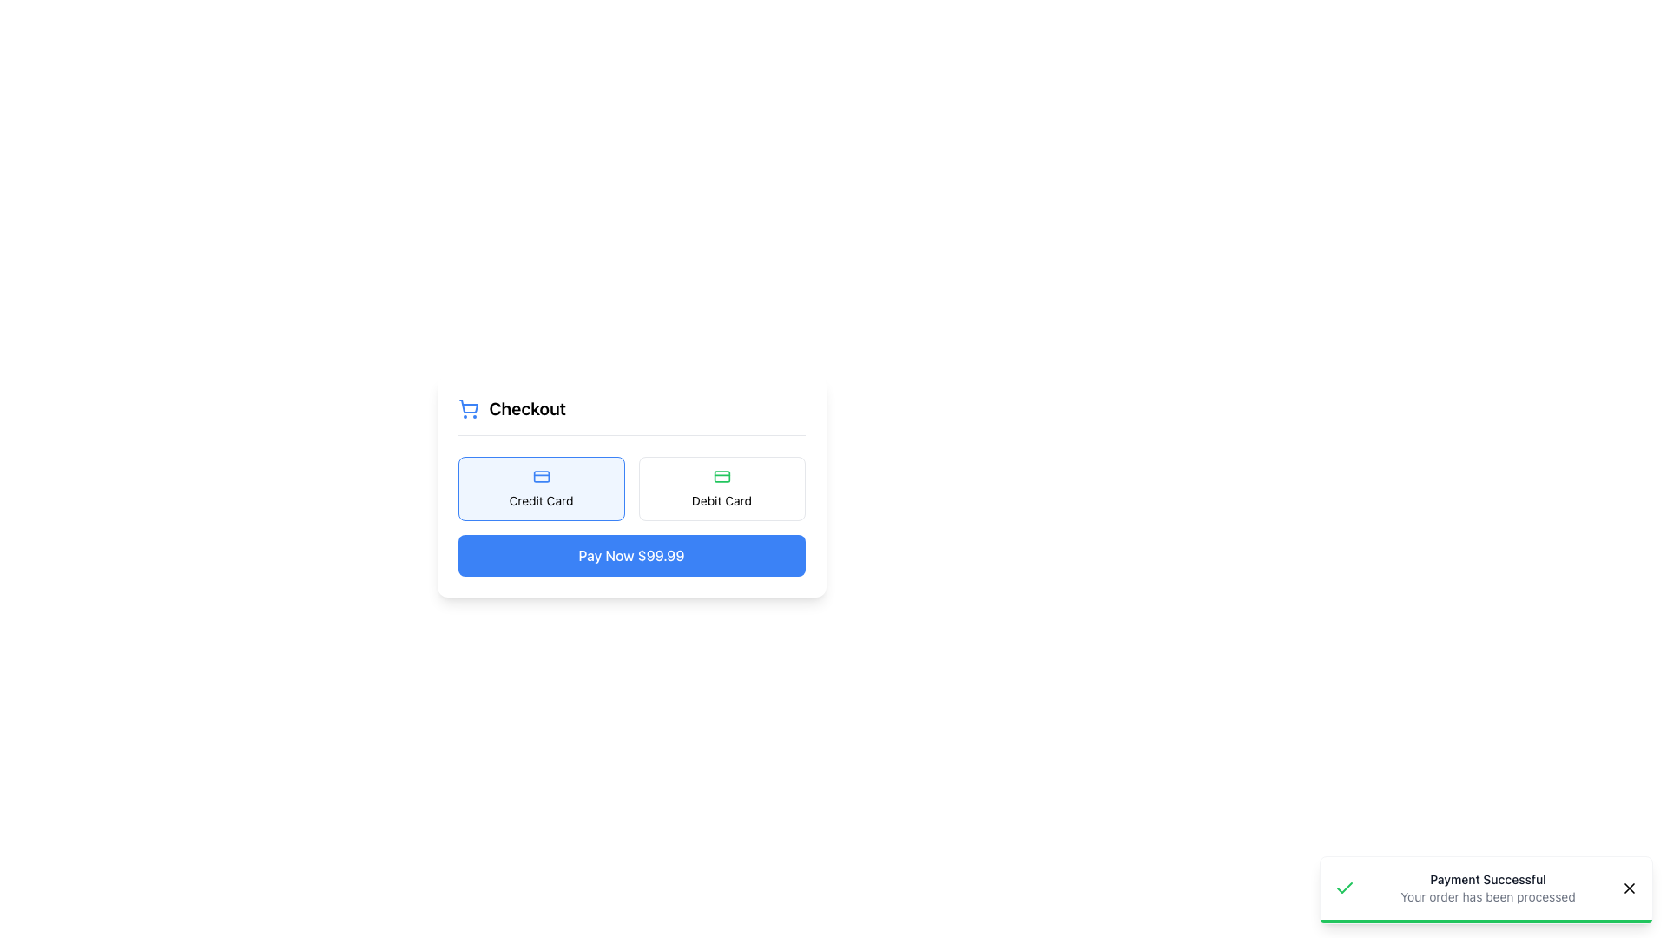 The image size is (1667, 938). Describe the element at coordinates (540, 476) in the screenshot. I see `the upper rectangular part of the credit card icon located on the left side of the 'Credit Card' button in the payment method selection section` at that location.